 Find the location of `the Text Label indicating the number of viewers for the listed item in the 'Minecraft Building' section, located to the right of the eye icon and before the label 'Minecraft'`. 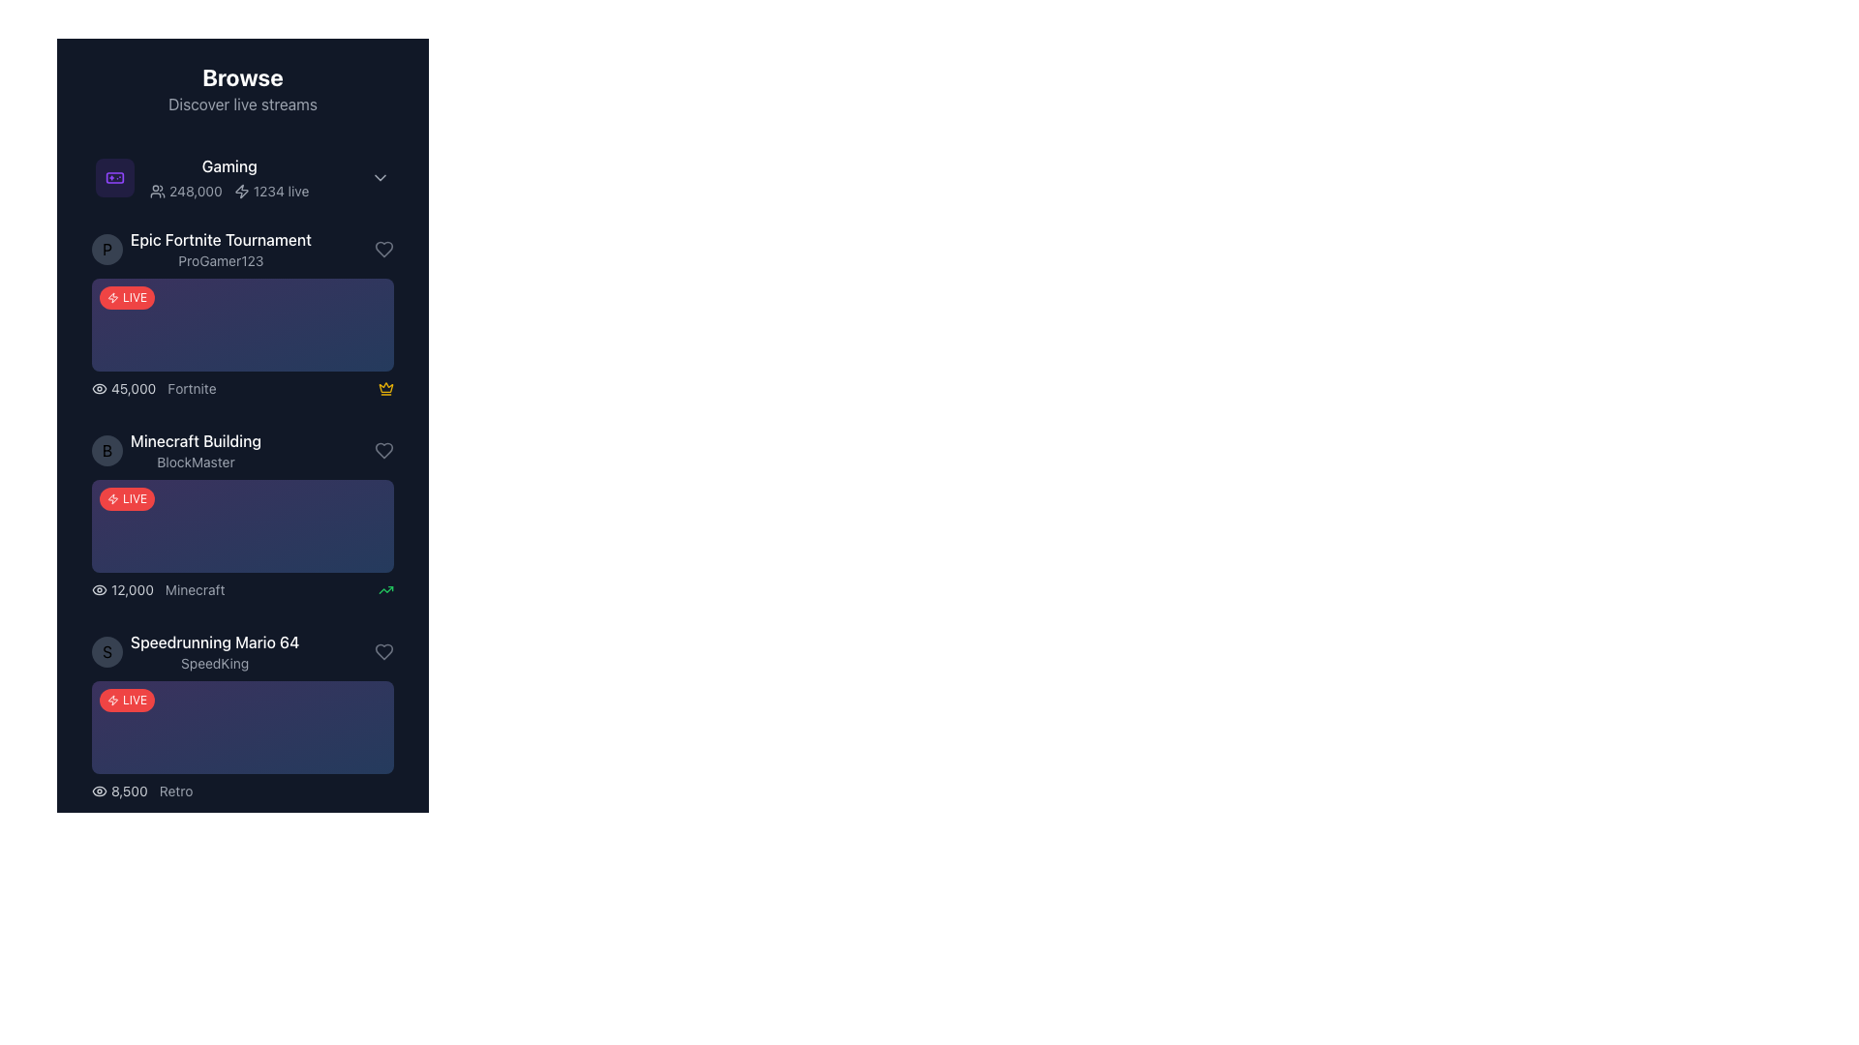

the Text Label indicating the number of viewers for the listed item in the 'Minecraft Building' section, located to the right of the eye icon and before the label 'Minecraft' is located at coordinates (121, 588).